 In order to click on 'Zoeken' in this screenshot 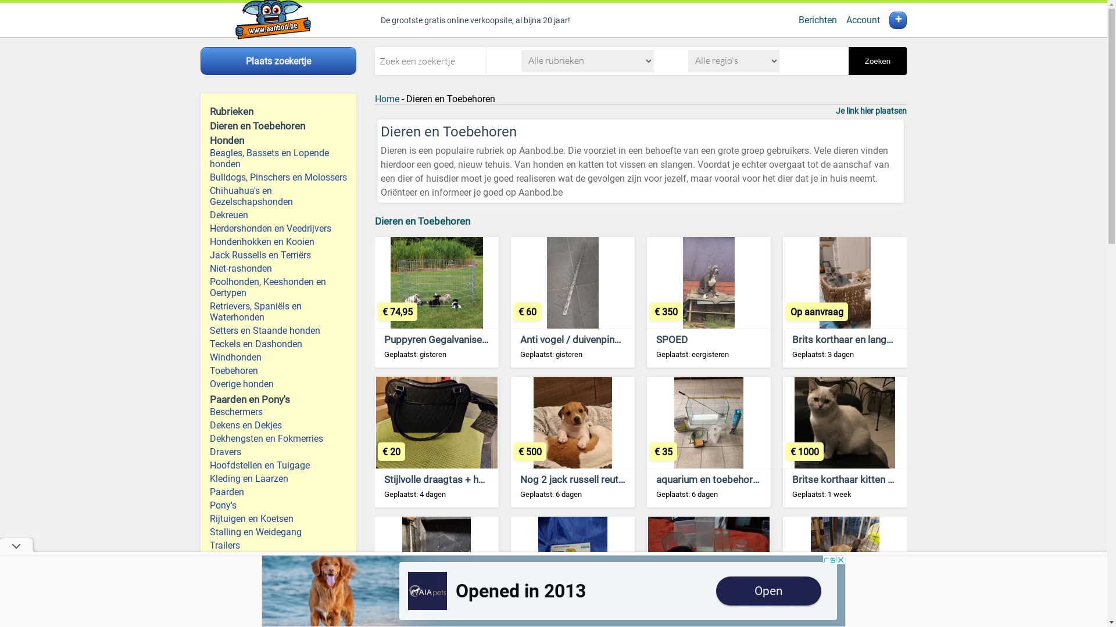, I will do `click(878, 60)`.